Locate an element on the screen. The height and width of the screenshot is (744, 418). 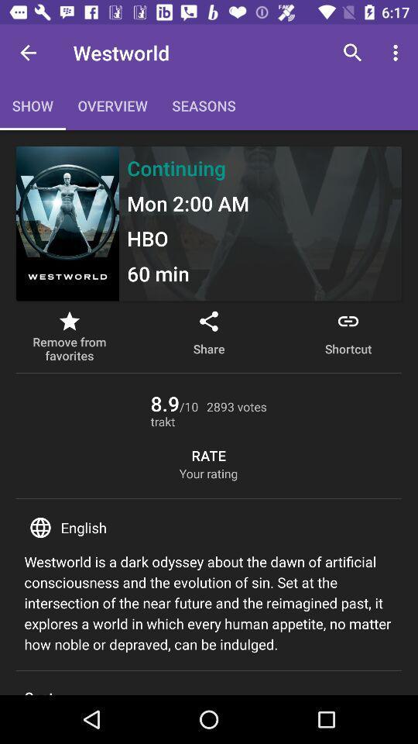
option right to overview option is located at coordinates (204, 105).